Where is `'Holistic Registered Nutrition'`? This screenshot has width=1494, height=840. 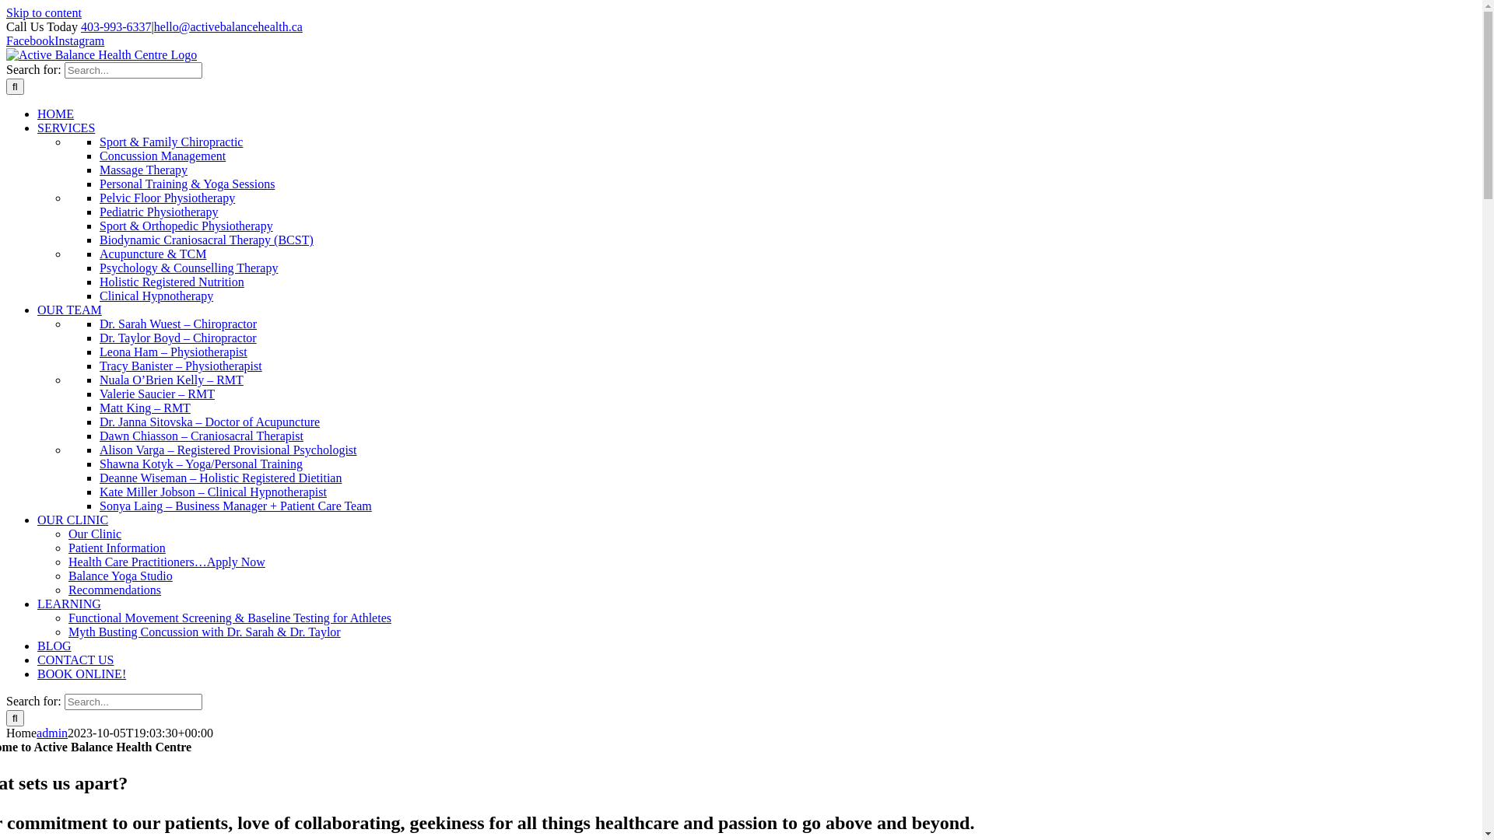
'Holistic Registered Nutrition' is located at coordinates (99, 282).